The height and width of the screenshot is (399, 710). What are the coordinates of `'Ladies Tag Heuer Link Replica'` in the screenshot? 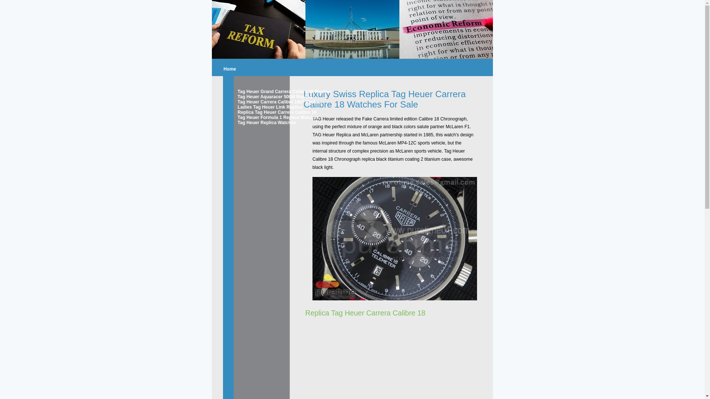 It's located at (263, 107).